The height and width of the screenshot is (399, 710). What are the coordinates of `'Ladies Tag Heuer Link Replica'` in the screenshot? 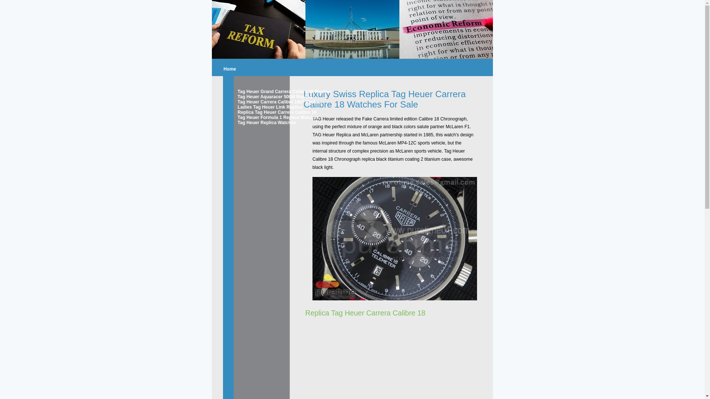 It's located at (263, 107).